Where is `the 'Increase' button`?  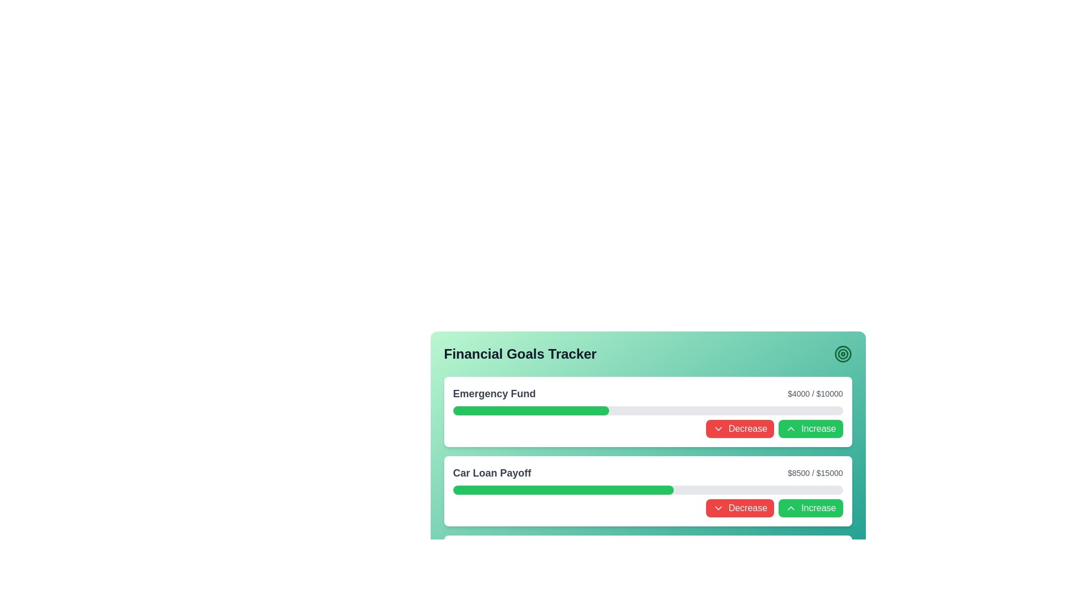
the 'Increase' button is located at coordinates (810, 428).